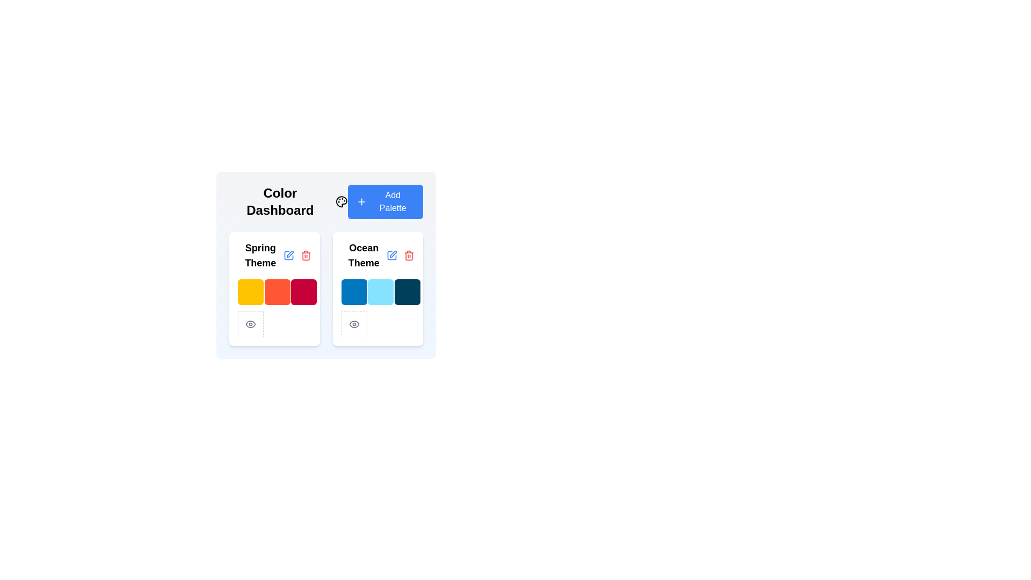  I want to click on the plus sign icon embedded within the 'Add Palette' button located in the top-right area of the interface, so click(361, 201).